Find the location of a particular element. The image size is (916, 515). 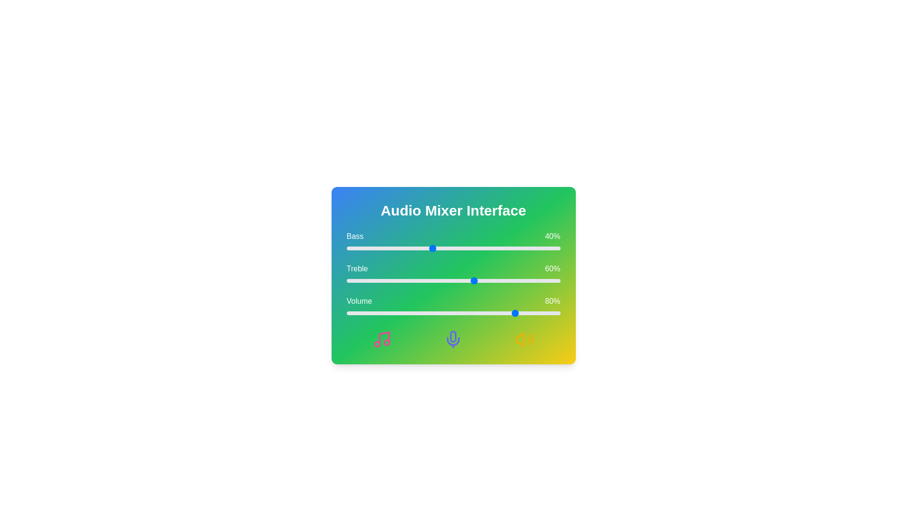

the volume icon is located at coordinates (524, 339).